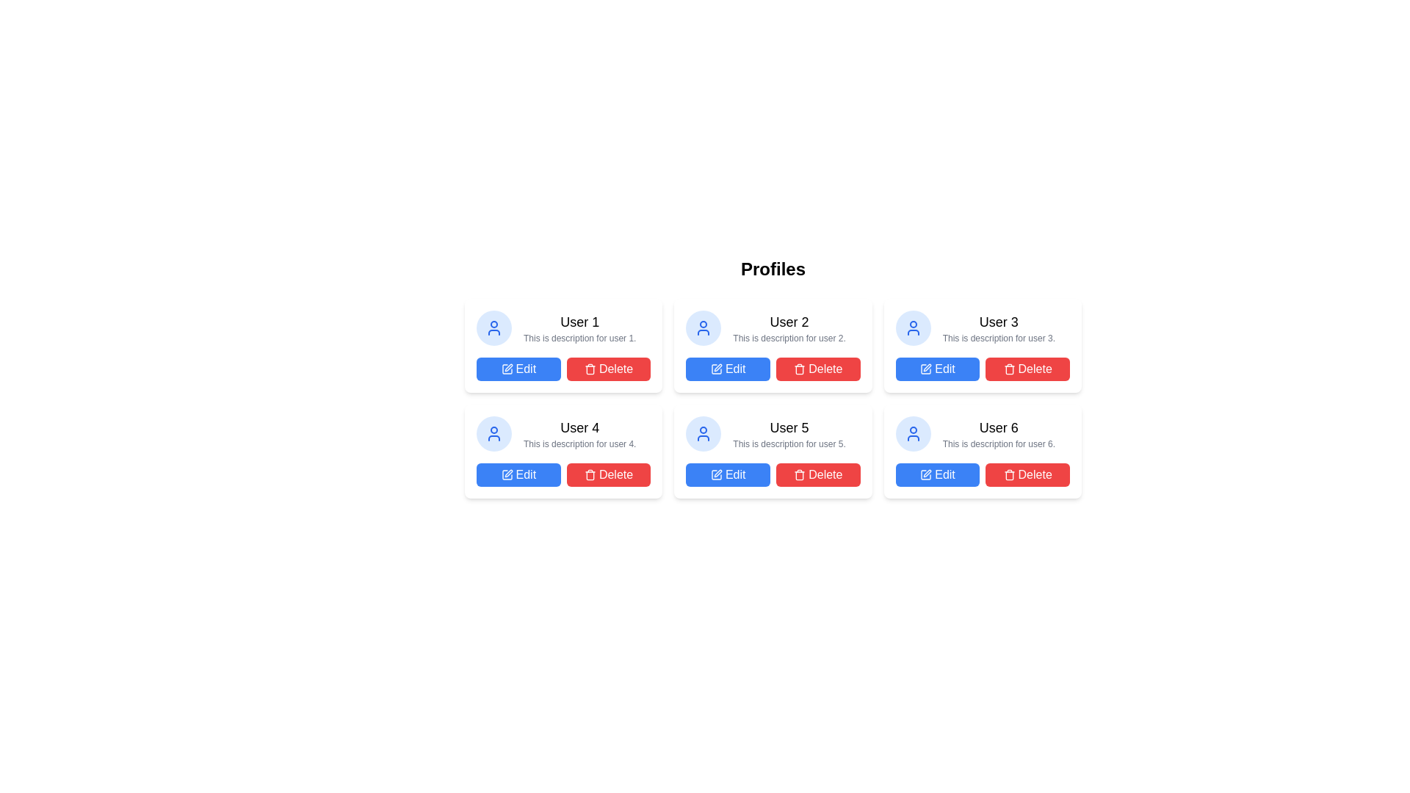 The image size is (1410, 793). I want to click on the edit button in the first row and first column of the user profile cards grid, so click(518, 368).